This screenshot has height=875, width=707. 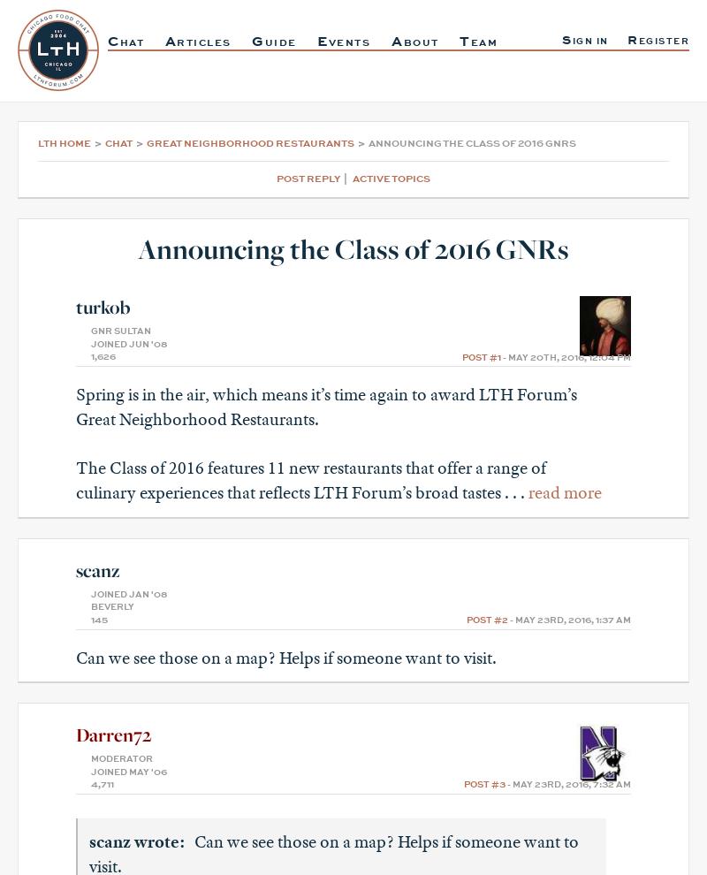 I want to click on '|', so click(x=346, y=178).